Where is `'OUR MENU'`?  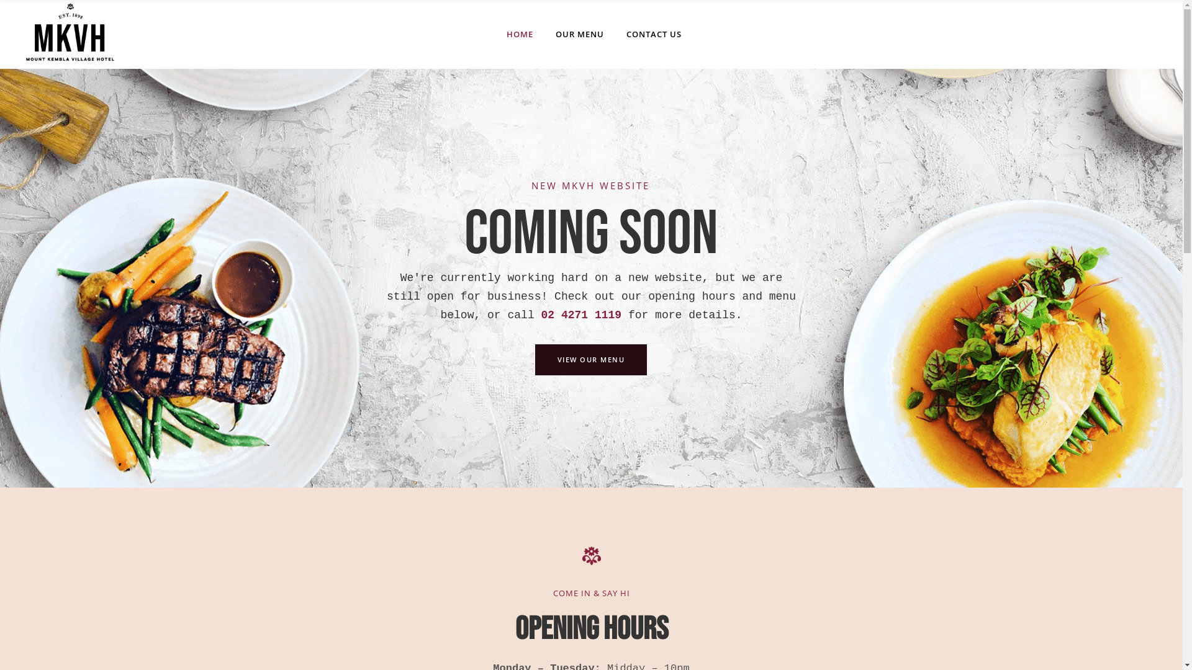
'OUR MENU' is located at coordinates (579, 33).